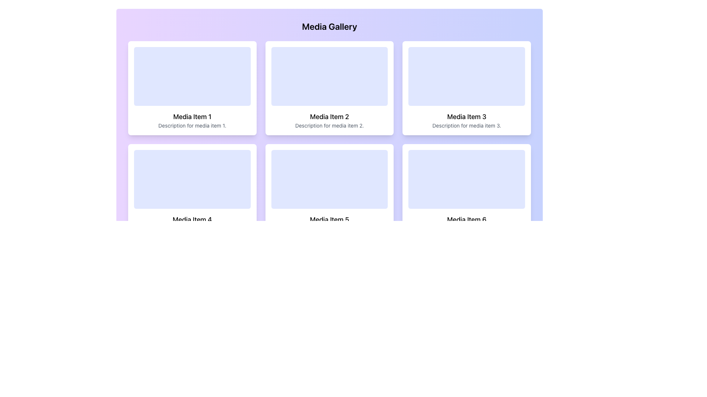  What do you see at coordinates (329, 125) in the screenshot?
I see `text label providing a brief description of the media item labeled 'Media Item 2', located directly below the heading in the Media Gallery grid` at bounding box center [329, 125].